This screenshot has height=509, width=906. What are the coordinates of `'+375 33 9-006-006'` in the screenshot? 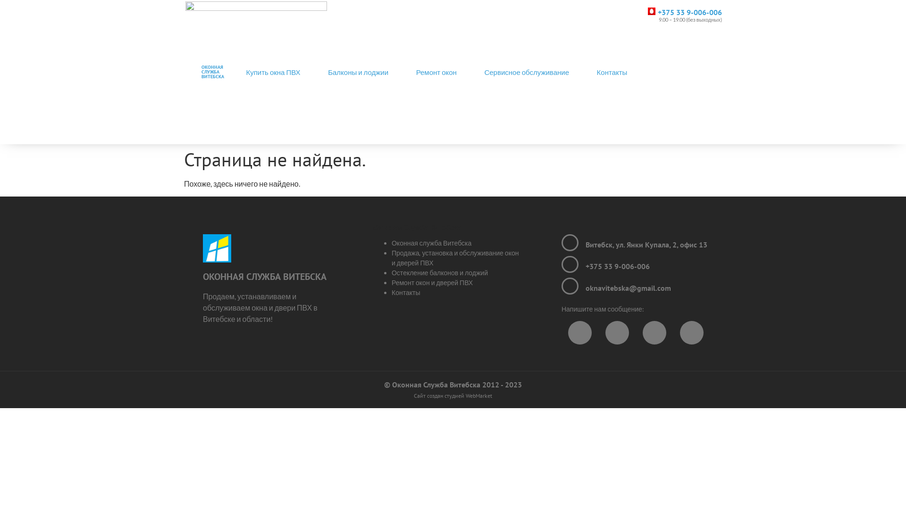 It's located at (657, 12).